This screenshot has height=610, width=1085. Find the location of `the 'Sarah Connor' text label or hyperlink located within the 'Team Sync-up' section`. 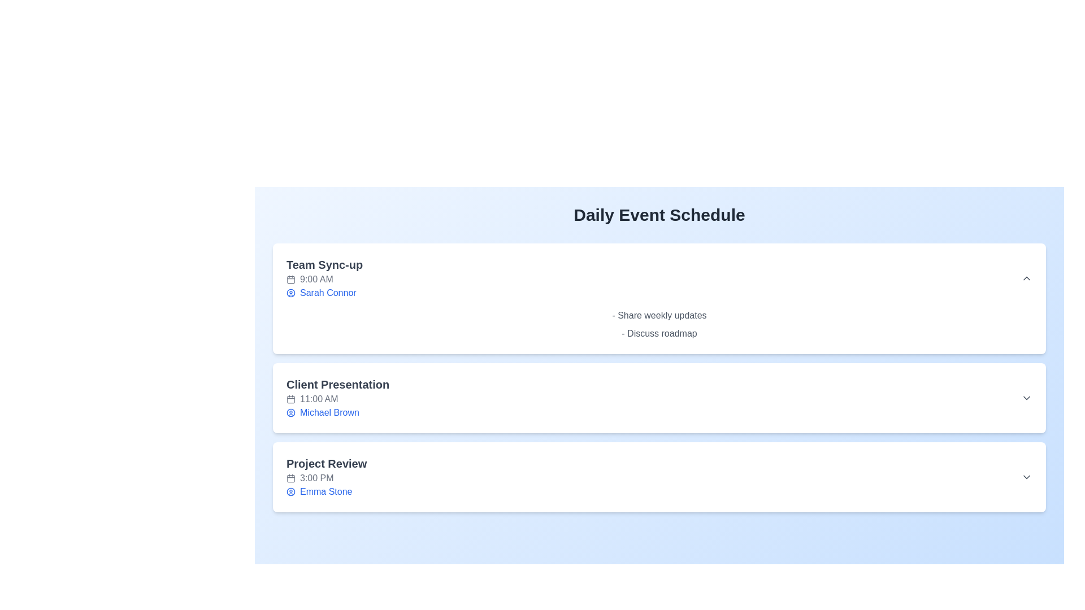

the 'Sarah Connor' text label or hyperlink located within the 'Team Sync-up' section is located at coordinates (327, 293).